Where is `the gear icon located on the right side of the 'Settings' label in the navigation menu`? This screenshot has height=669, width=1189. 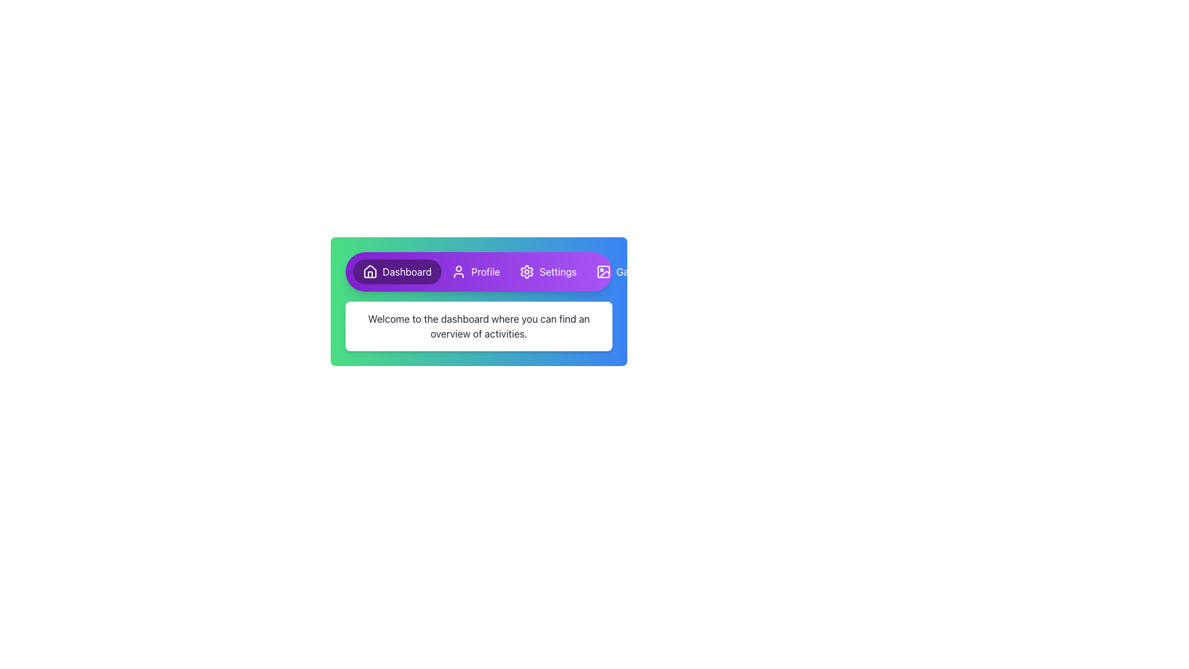 the gear icon located on the right side of the 'Settings' label in the navigation menu is located at coordinates (527, 271).